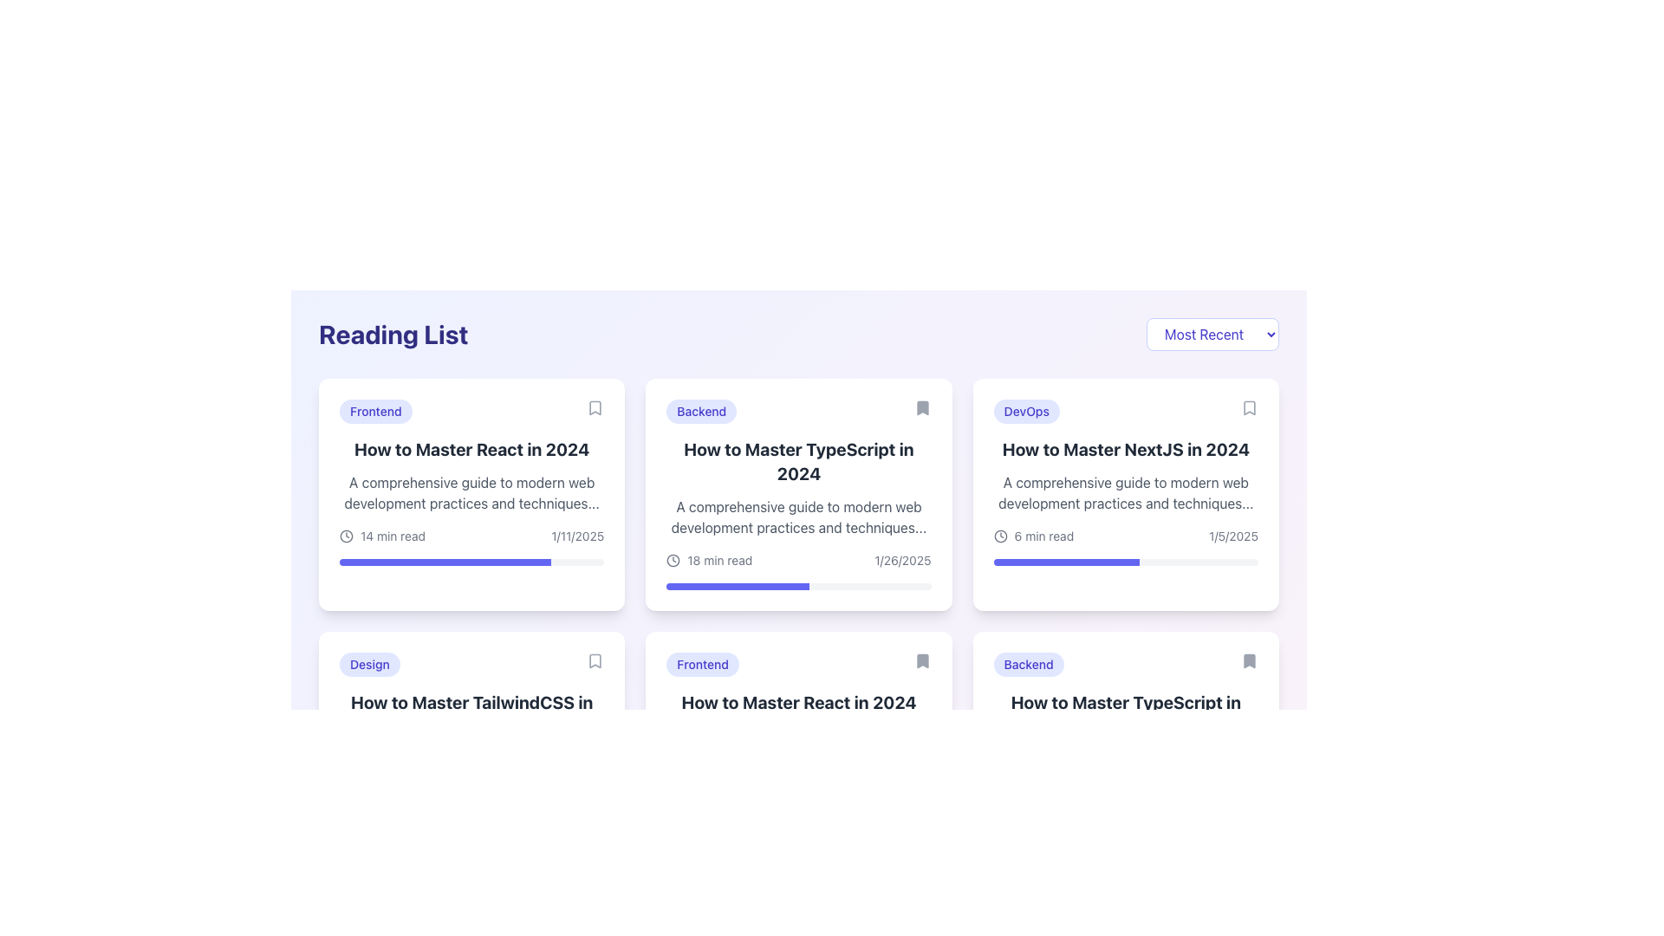  What do you see at coordinates (797, 586) in the screenshot?
I see `the progress bar indicating a progress of 54% located at the bottom of the card titled 'How to Master TypeScript in 2024'` at bounding box center [797, 586].